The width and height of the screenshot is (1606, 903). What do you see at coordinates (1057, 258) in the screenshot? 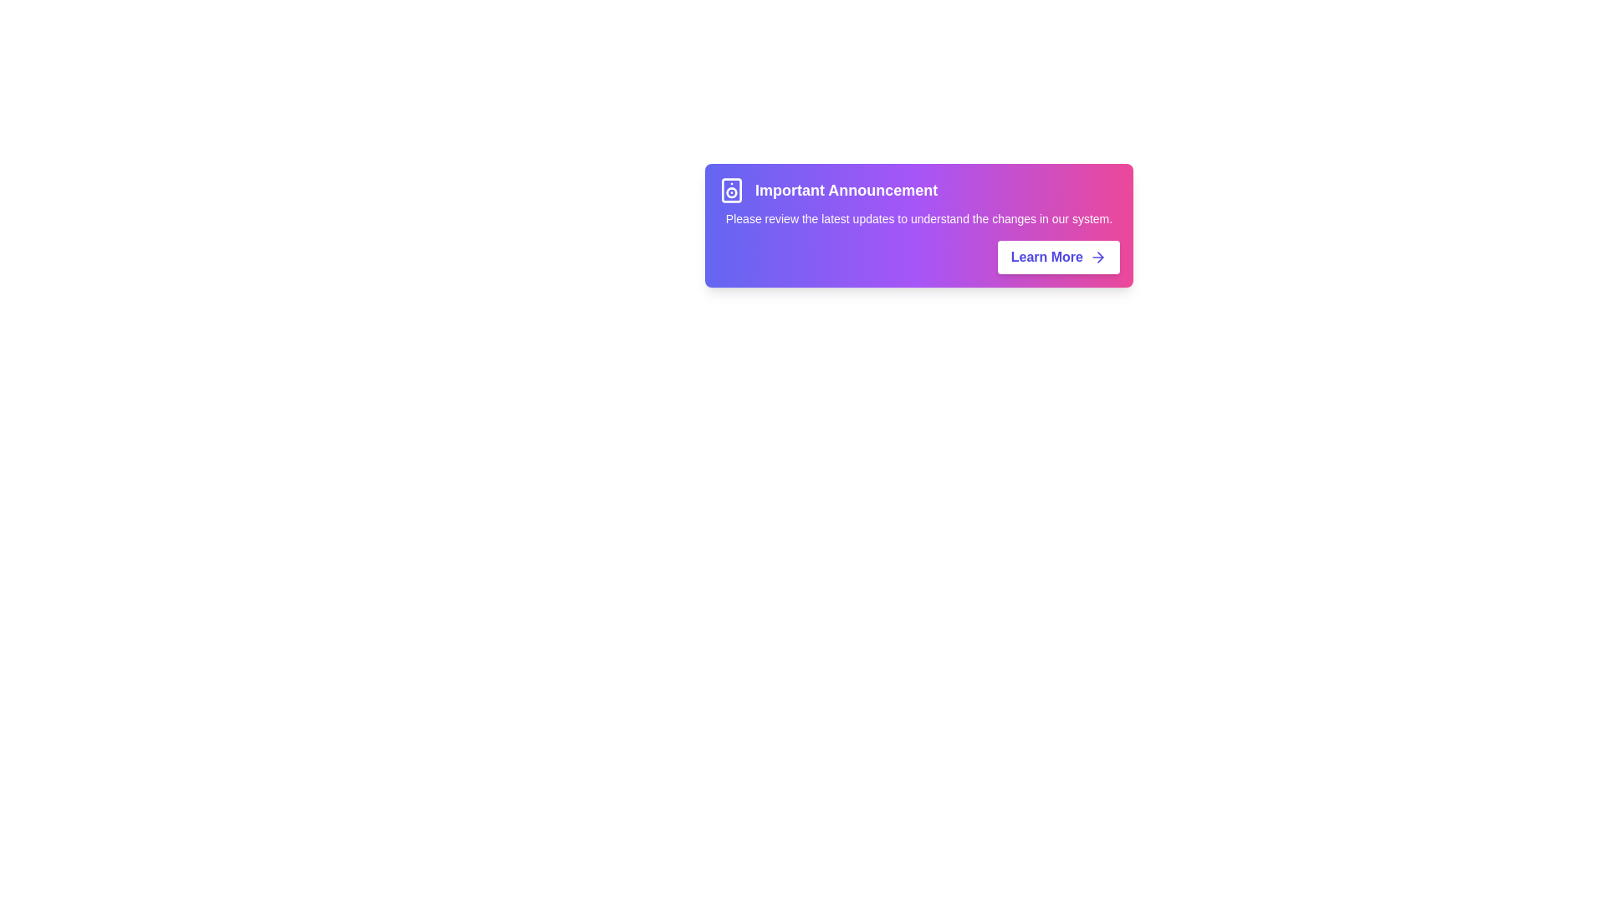
I see `the 'Learn More' button to navigate to more information` at bounding box center [1057, 258].